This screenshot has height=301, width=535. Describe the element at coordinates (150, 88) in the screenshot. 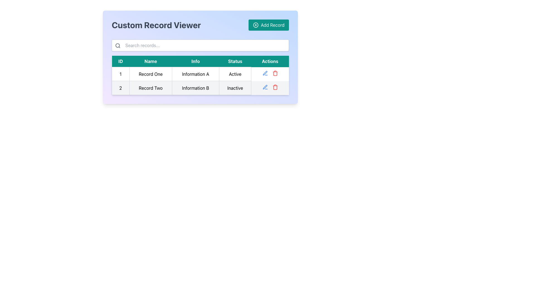

I see `the Text display field in the second row of the table, located in the second column between the 'ID' and 'Info' fields` at that location.